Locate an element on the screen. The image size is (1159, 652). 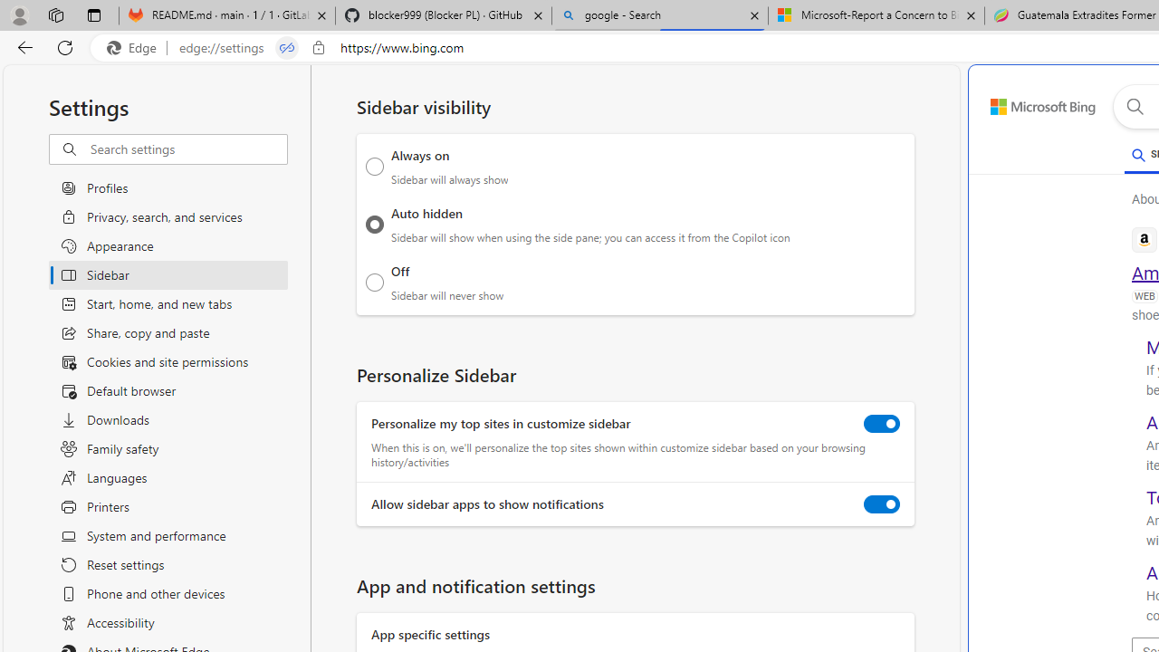
'Tabs in split screen' is located at coordinates (286, 47).